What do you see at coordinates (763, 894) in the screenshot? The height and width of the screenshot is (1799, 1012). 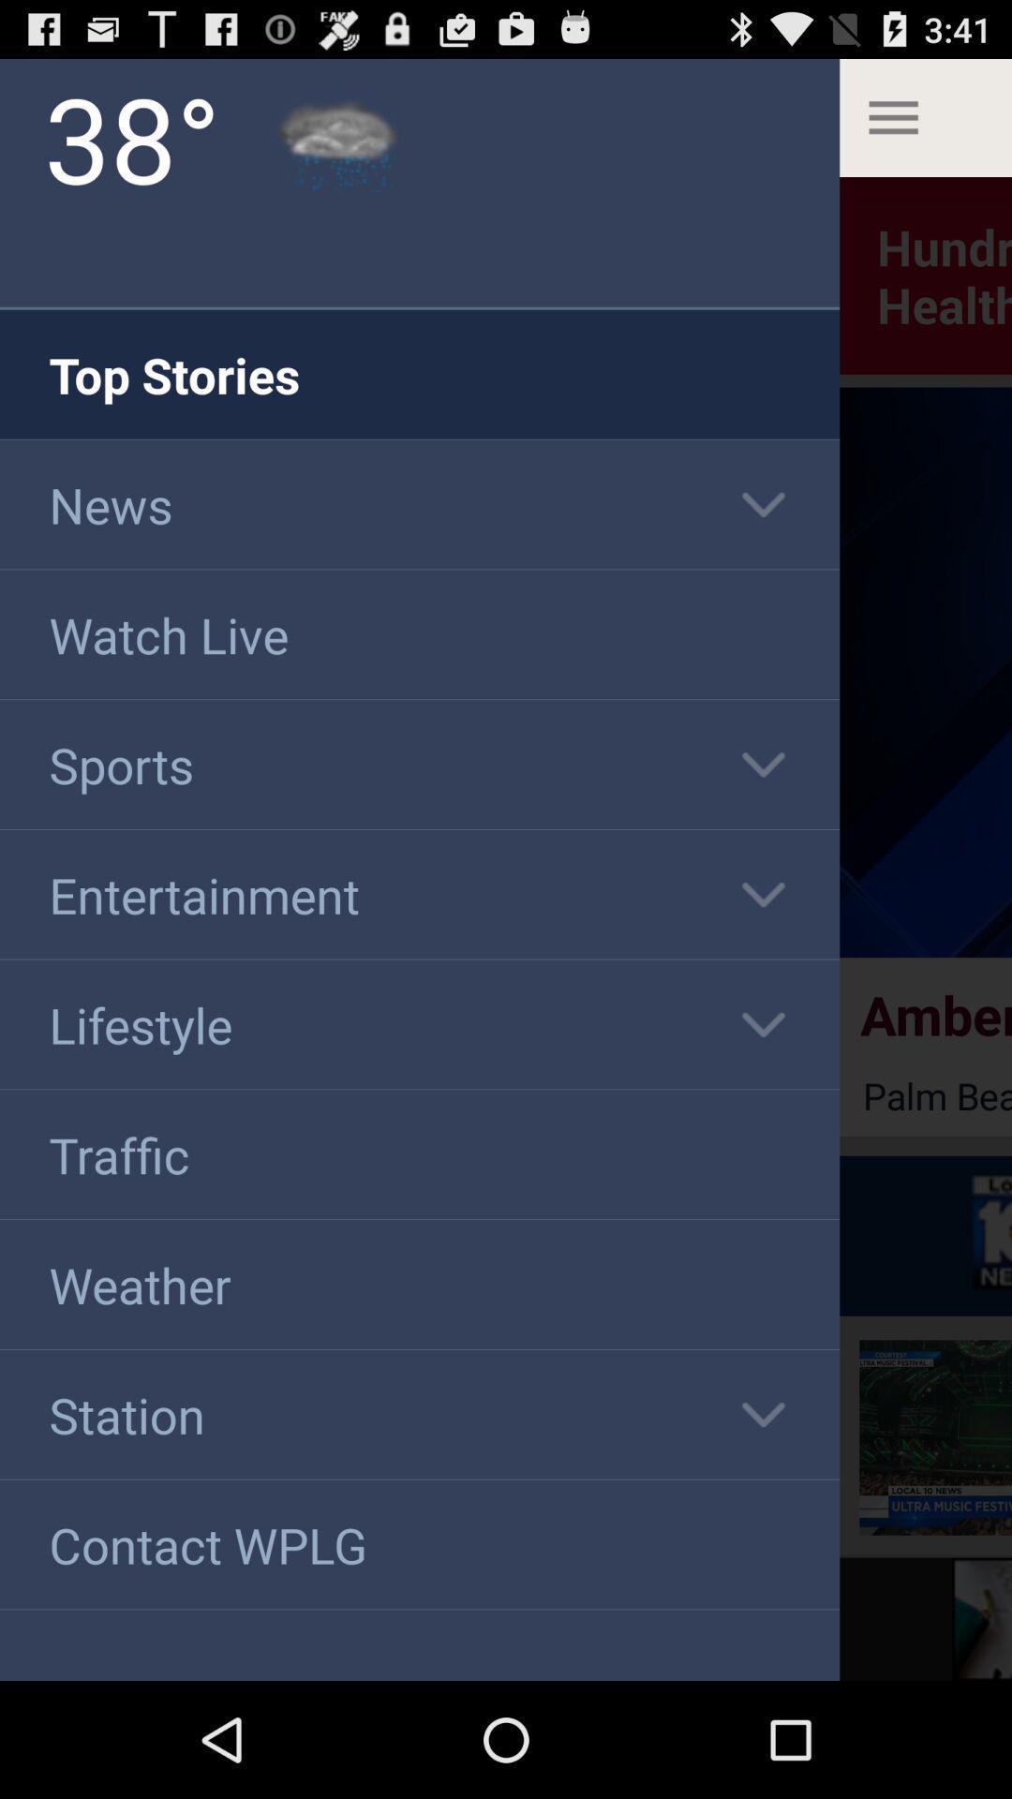 I see `third drop down from top` at bounding box center [763, 894].